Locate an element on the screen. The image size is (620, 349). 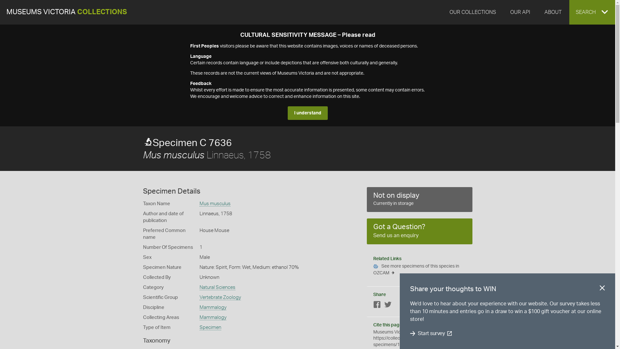
'Natural Sciences' is located at coordinates (217, 287).